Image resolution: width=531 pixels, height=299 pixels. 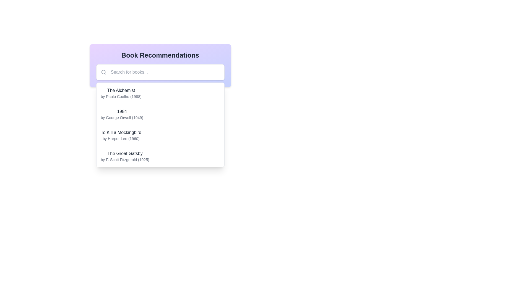 What do you see at coordinates (121, 138) in the screenshot?
I see `the static text label displaying 'by Harper Lee (1960)', which is located below the title 'To Kill a Mockingbird'` at bounding box center [121, 138].